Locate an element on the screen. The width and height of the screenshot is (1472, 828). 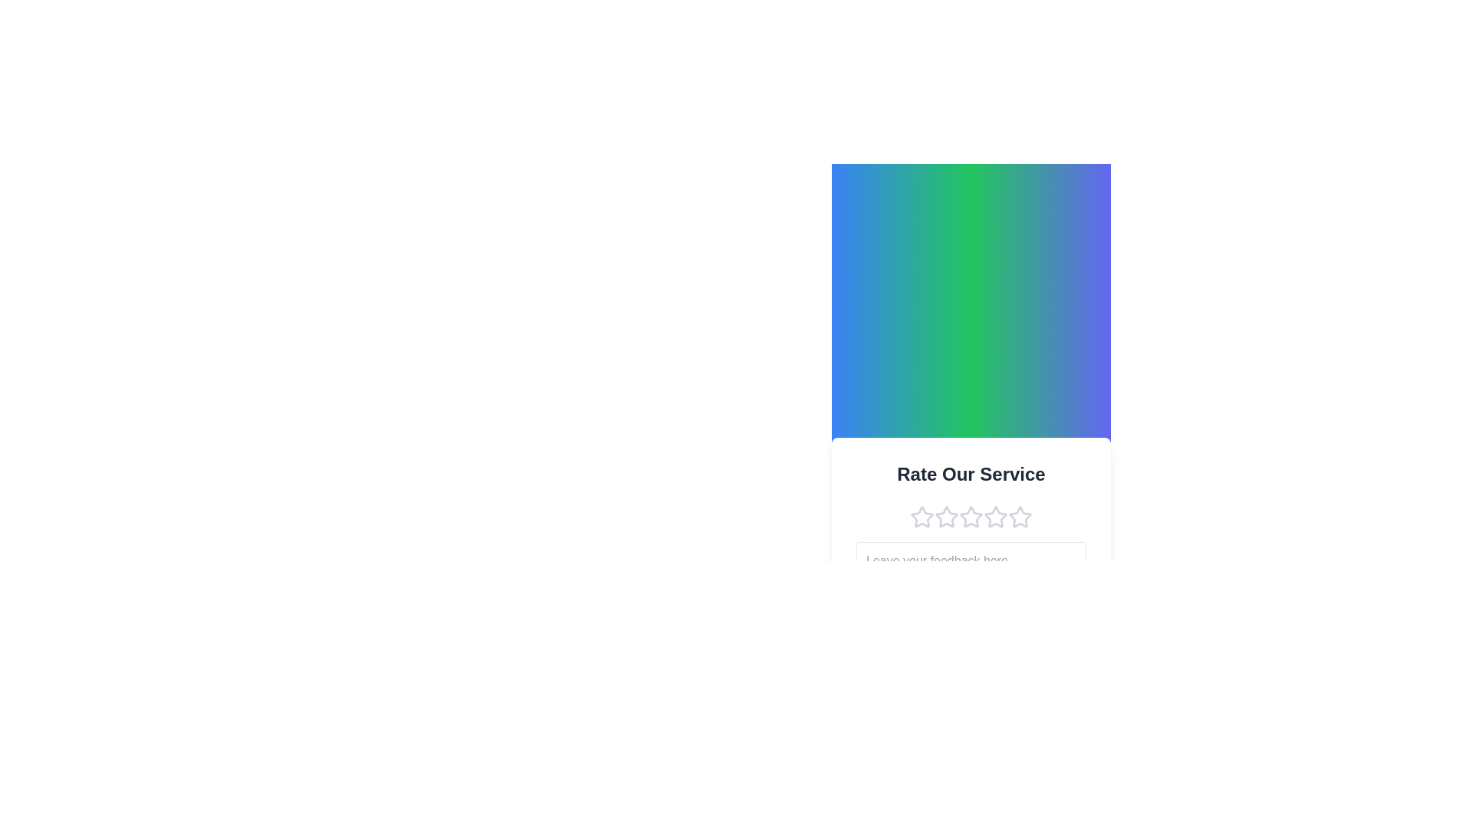
the third hollow star icon to provide a 3-star rating in the rating control below the 'Rate Our Service' heading is located at coordinates (971, 517).